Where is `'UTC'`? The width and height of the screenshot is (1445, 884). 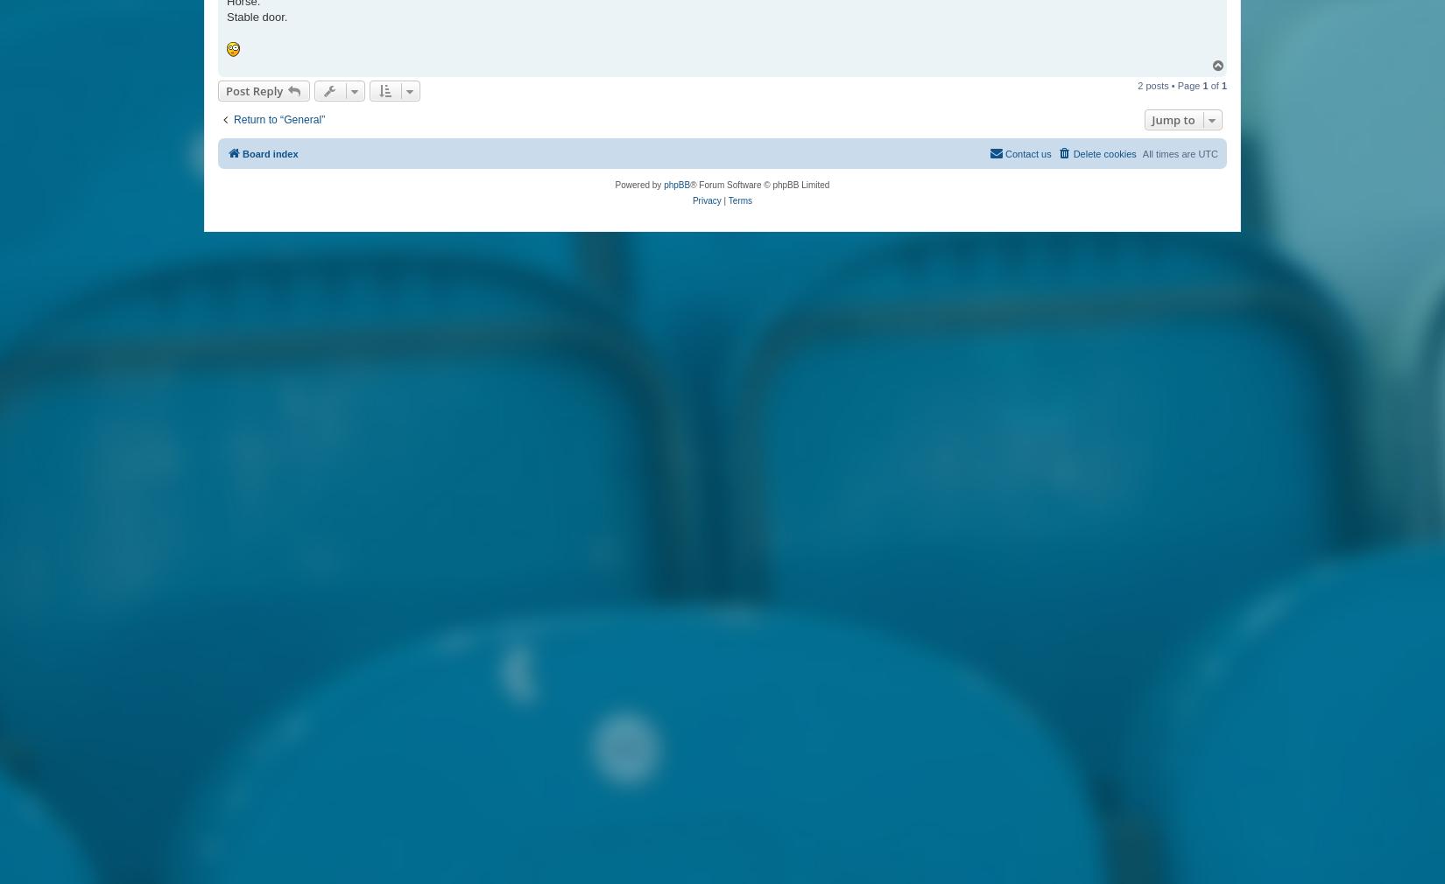
'UTC' is located at coordinates (1197, 153).